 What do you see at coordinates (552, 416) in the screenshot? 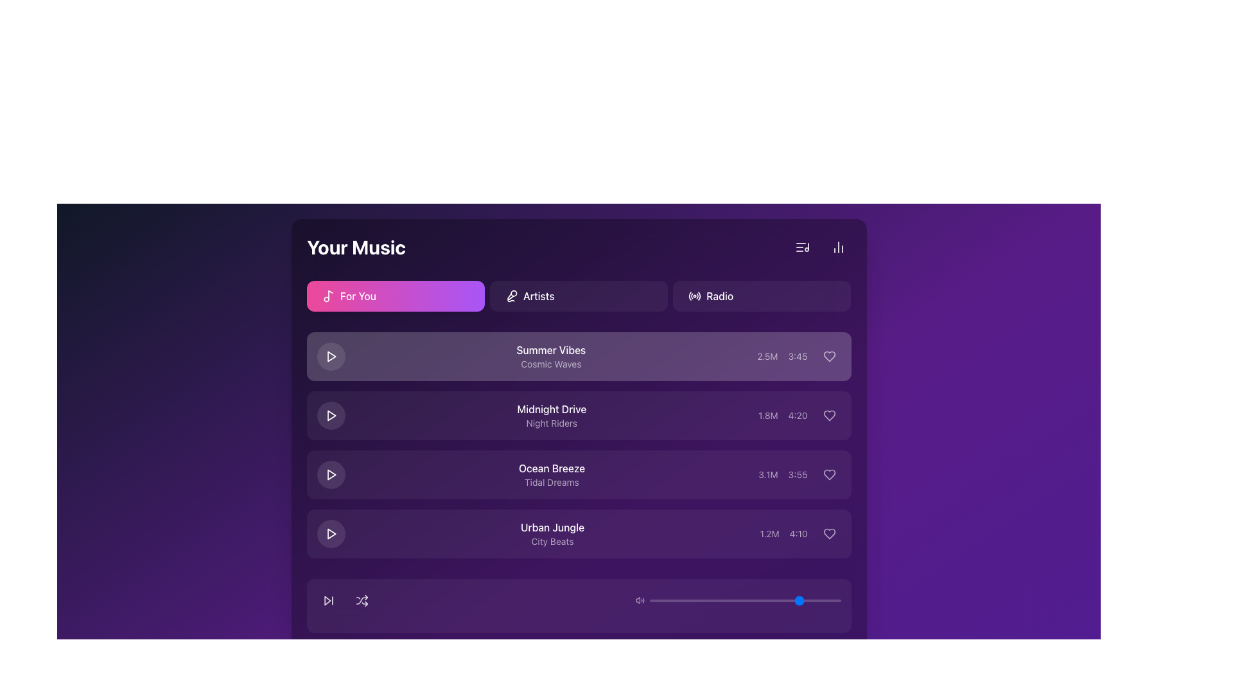
I see `the text display containing 'Midnight Drive' and 'Night Riders' to perform an action such as playing the song` at bounding box center [552, 416].